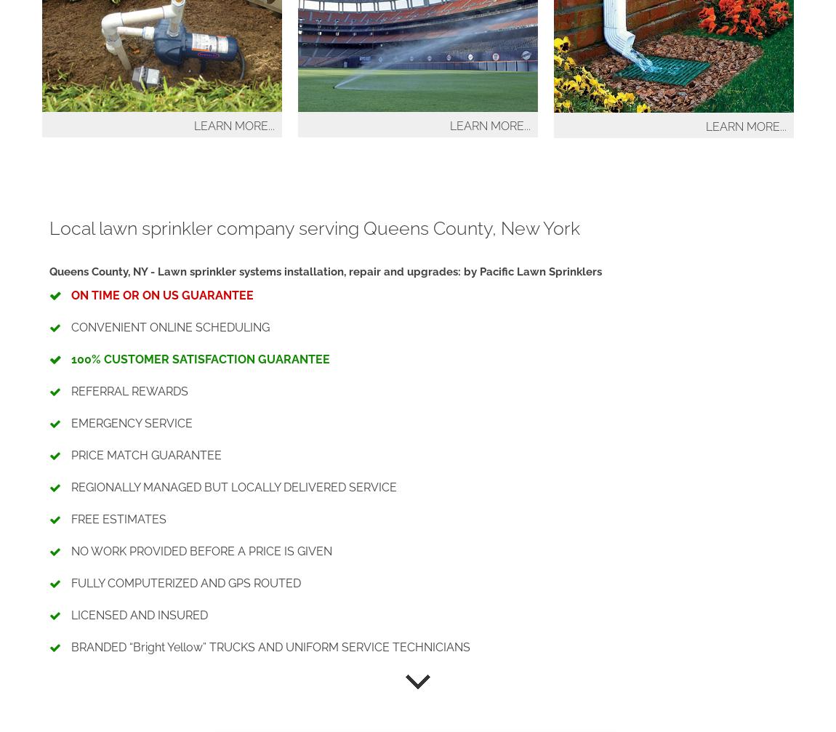  I want to click on 'FREE ESTIMATES', so click(117, 518).